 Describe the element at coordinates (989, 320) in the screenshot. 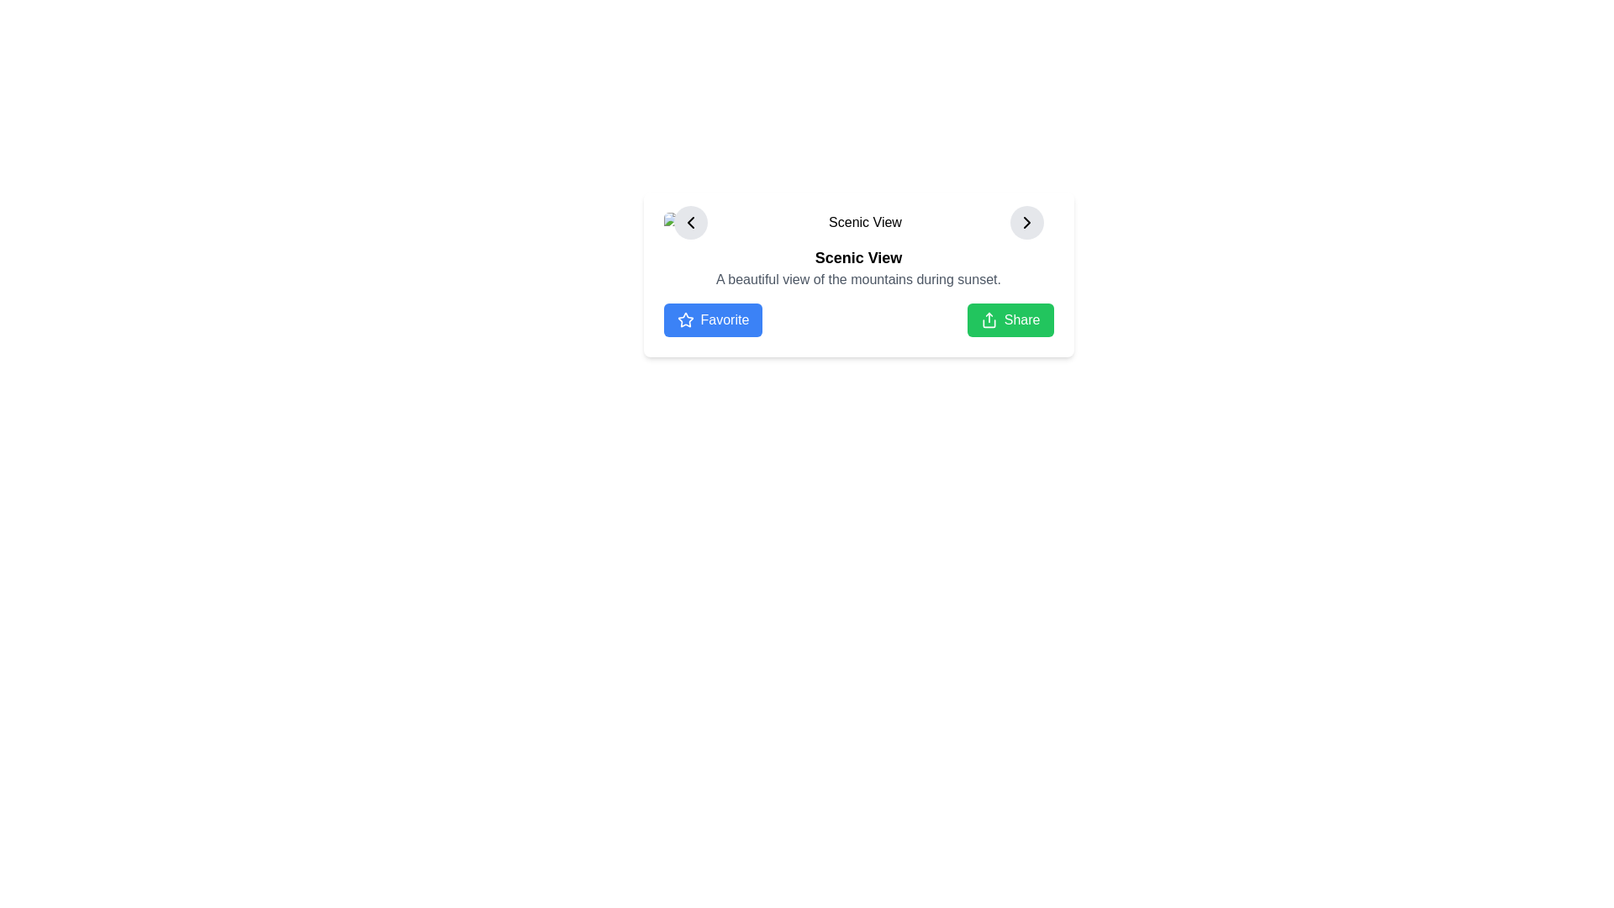

I see `the small squared 'Share' icon with a green background and white share symbol located within the 'Share' button on the right side of the interface` at that location.